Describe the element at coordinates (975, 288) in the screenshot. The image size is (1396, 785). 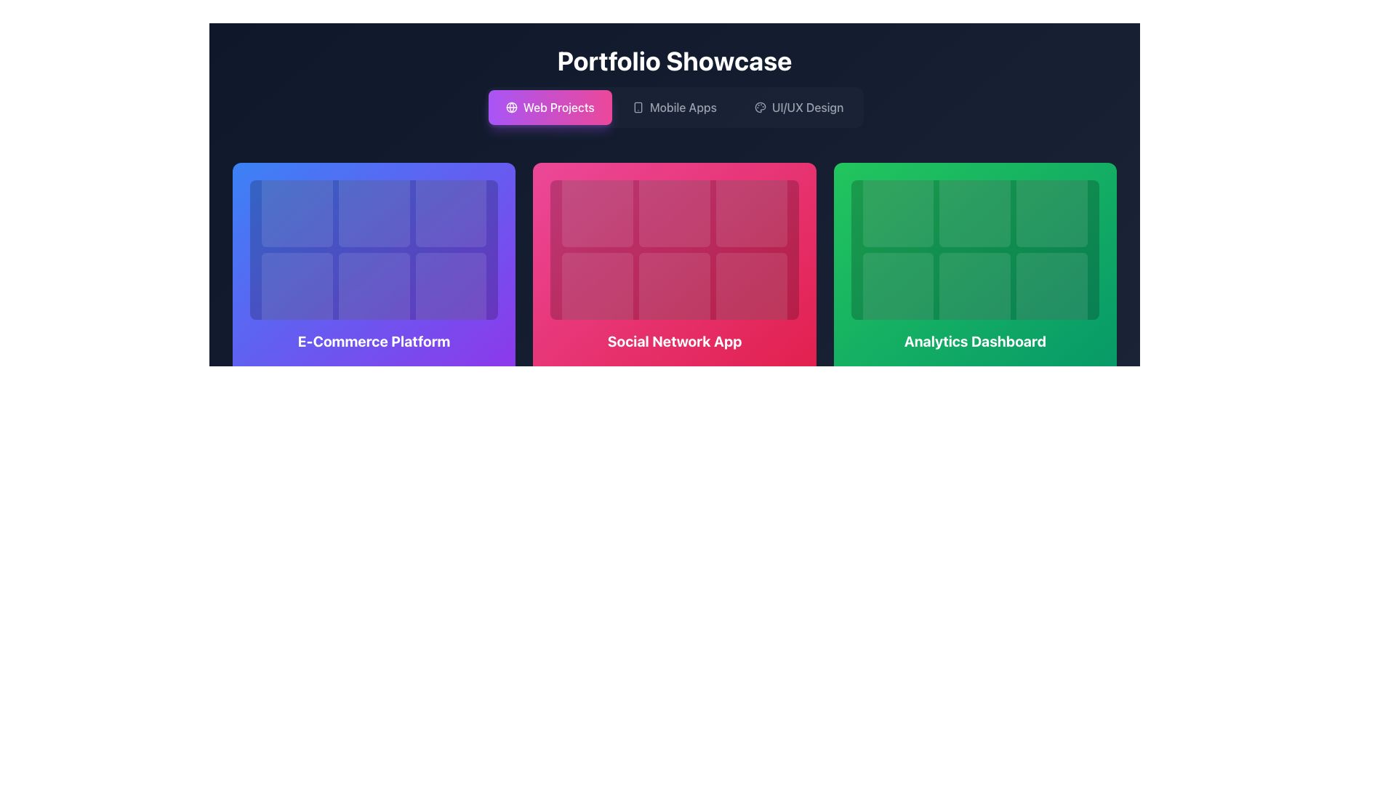
I see `the second item in the second row of the 3x2 grid structure in the Analytics Dashboard, which is visually represented as a placeholder in a green-themed panel` at that location.